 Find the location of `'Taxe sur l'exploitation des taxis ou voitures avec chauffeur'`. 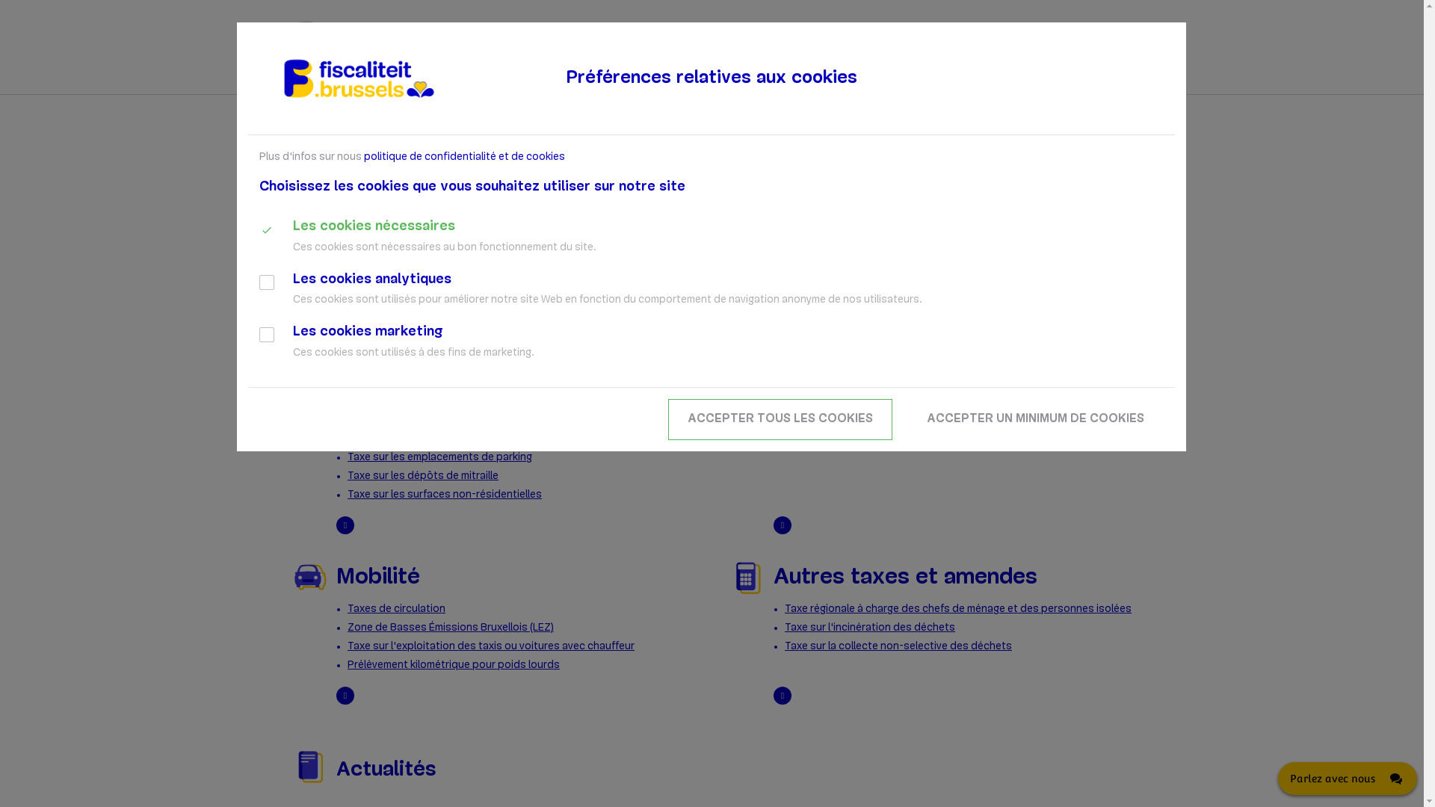

'Taxe sur l'exploitation des taxis ou voitures avec chauffeur' is located at coordinates (491, 646).